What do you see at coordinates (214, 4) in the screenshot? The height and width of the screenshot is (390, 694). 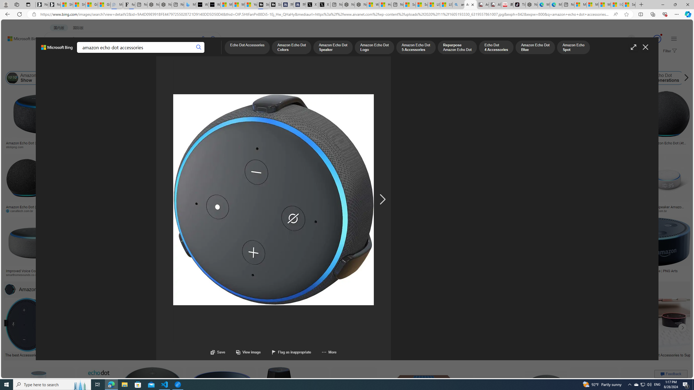 I see `'What'` at bounding box center [214, 4].